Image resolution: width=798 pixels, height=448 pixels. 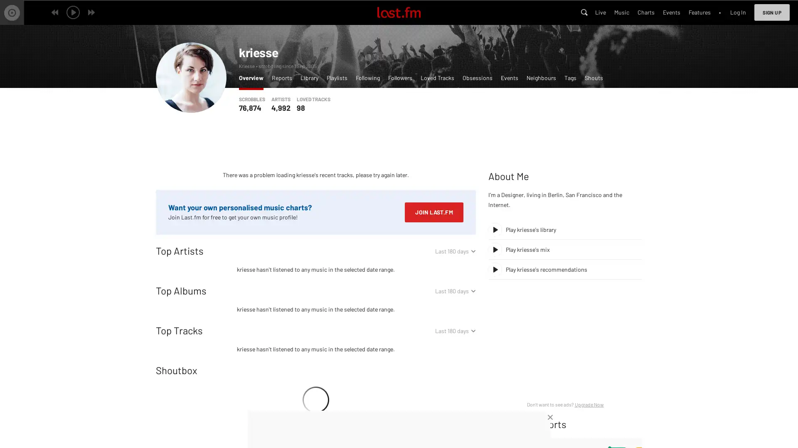 I want to click on Sorted by: Last 180 days, so click(x=455, y=331).